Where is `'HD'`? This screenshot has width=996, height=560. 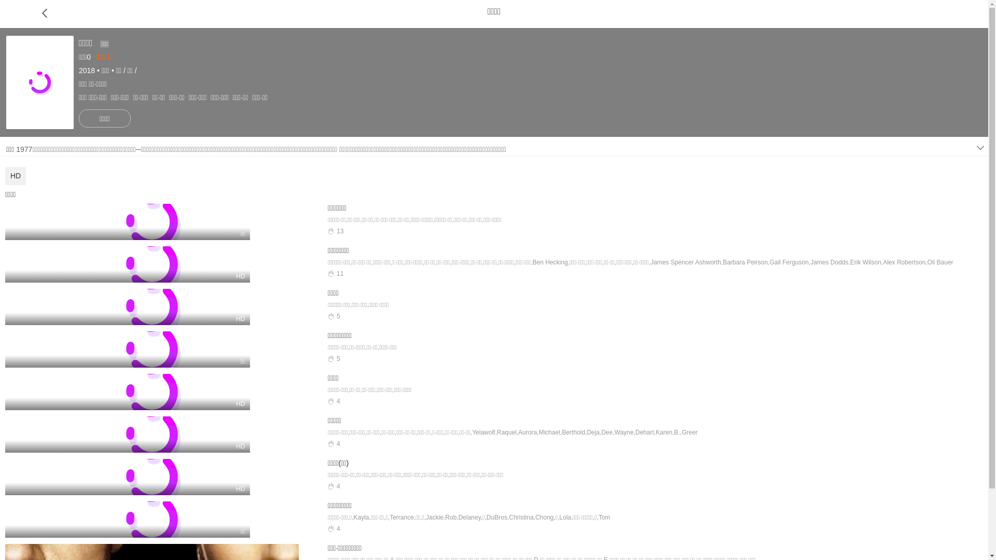
'HD' is located at coordinates (15, 175).